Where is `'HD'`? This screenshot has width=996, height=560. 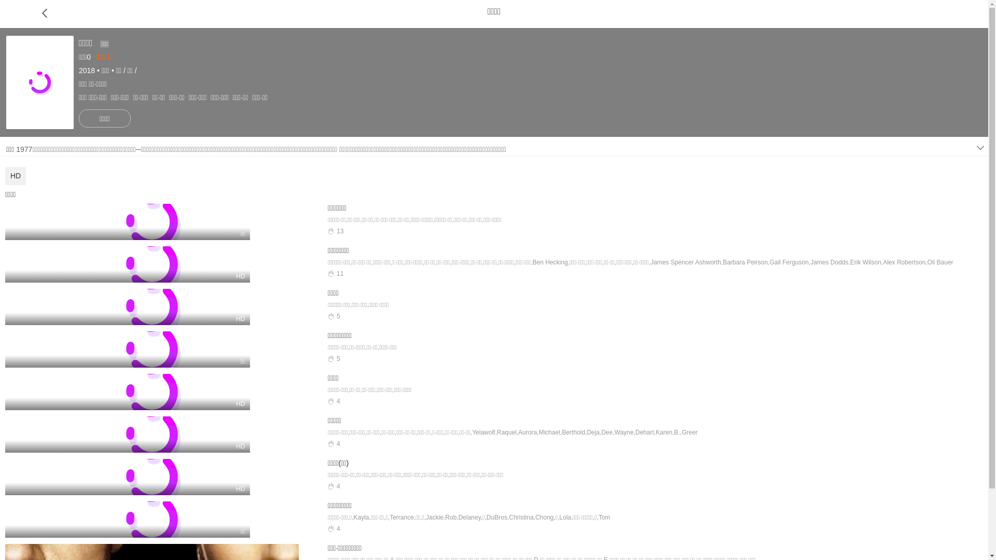
'HD' is located at coordinates (15, 175).